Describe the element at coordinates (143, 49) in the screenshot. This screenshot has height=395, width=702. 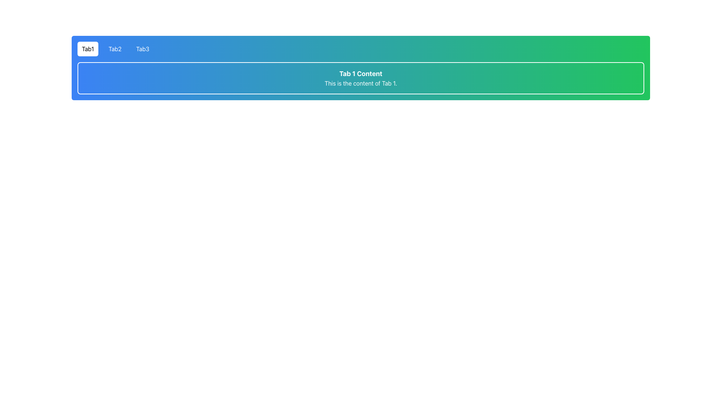
I see `the 'Tab3' navigation item to switch the application view to the corresponding content` at that location.